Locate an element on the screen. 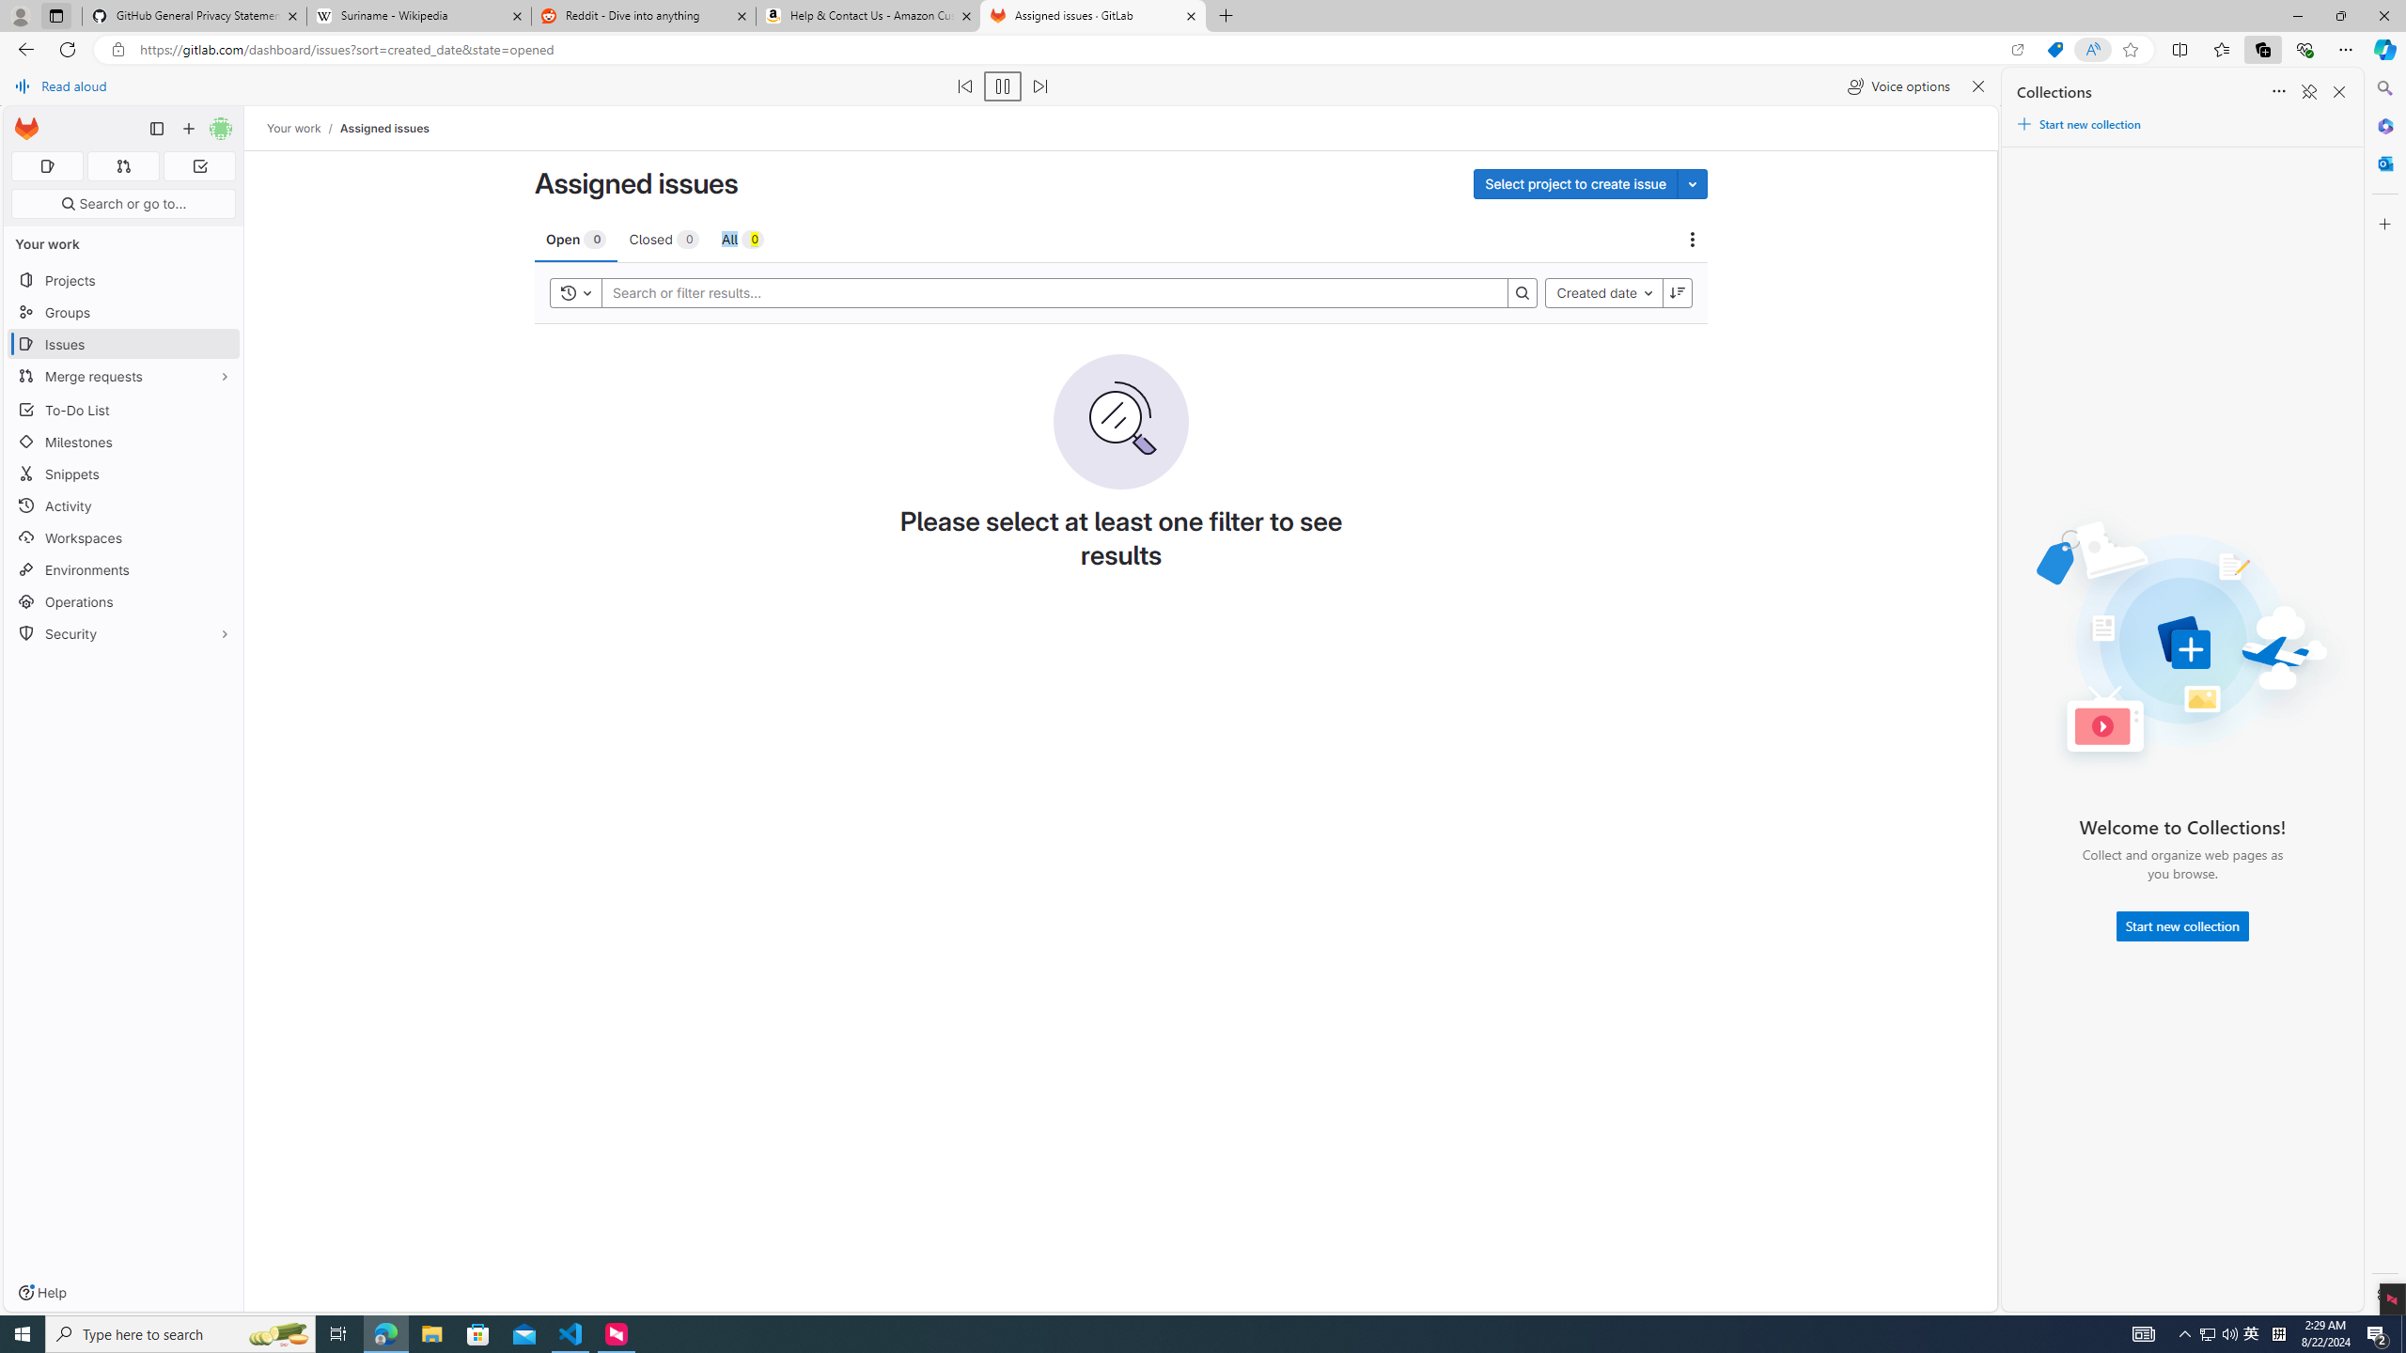 This screenshot has height=1353, width=2406. 'Groups' is located at coordinates (122, 310).